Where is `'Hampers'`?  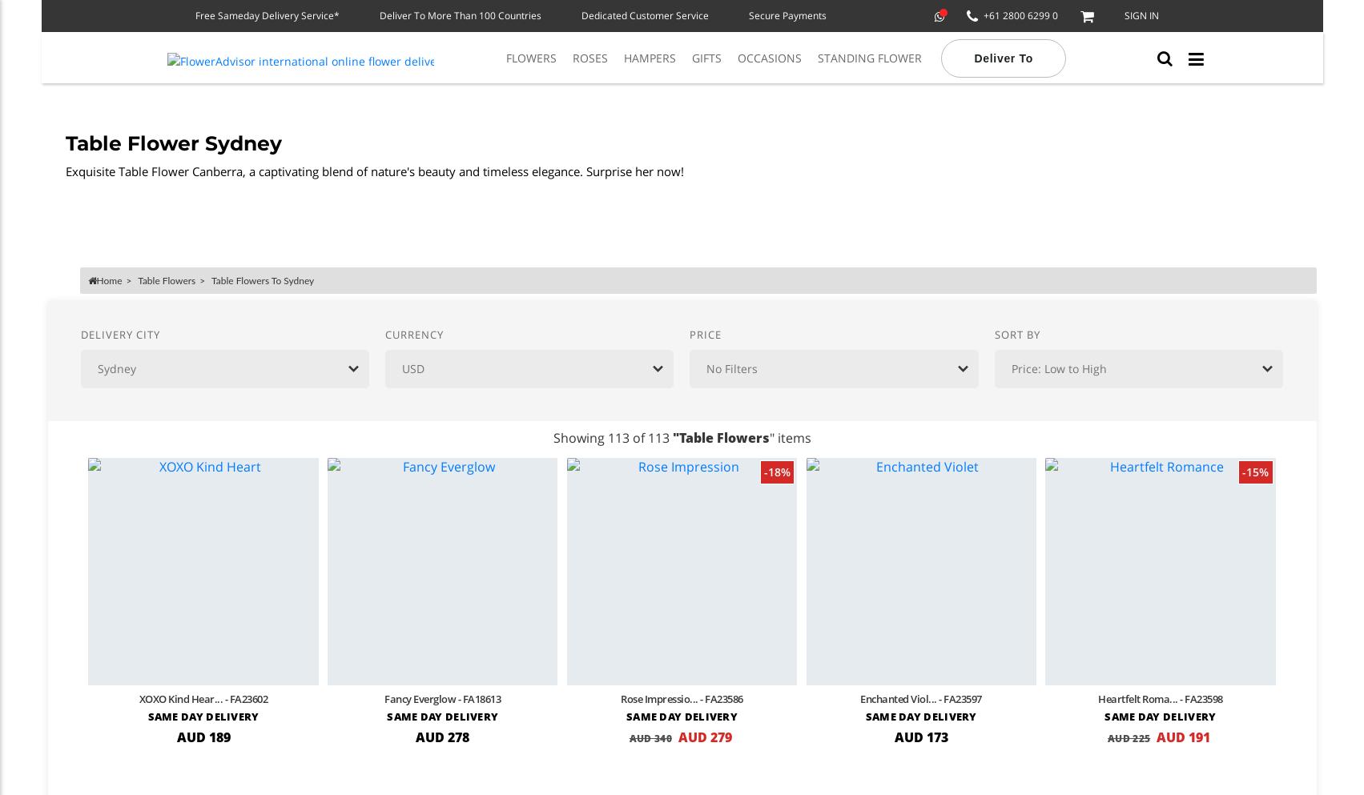 'Hampers' is located at coordinates (650, 58).